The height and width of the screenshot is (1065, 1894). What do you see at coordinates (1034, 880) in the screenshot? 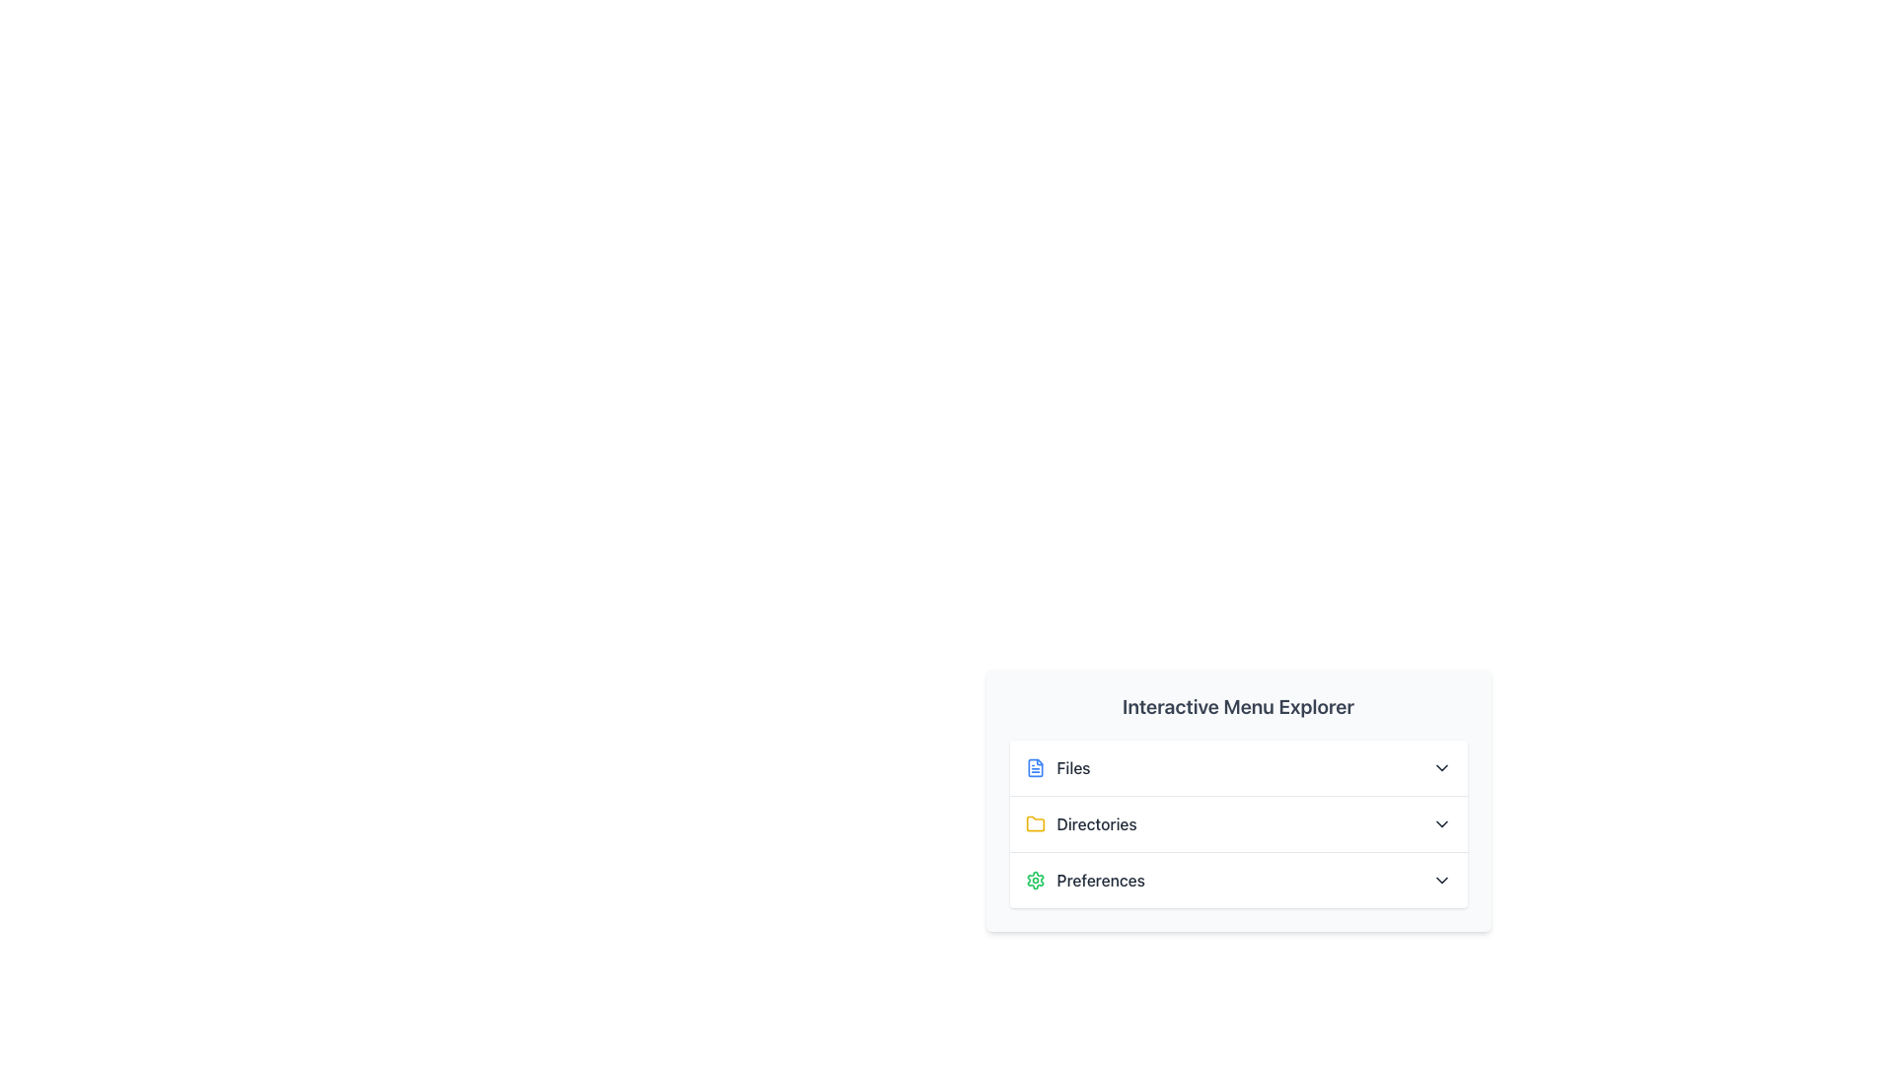
I see `the green gear icon located to the left of the 'Preferences' label to invoke preferences` at bounding box center [1034, 880].